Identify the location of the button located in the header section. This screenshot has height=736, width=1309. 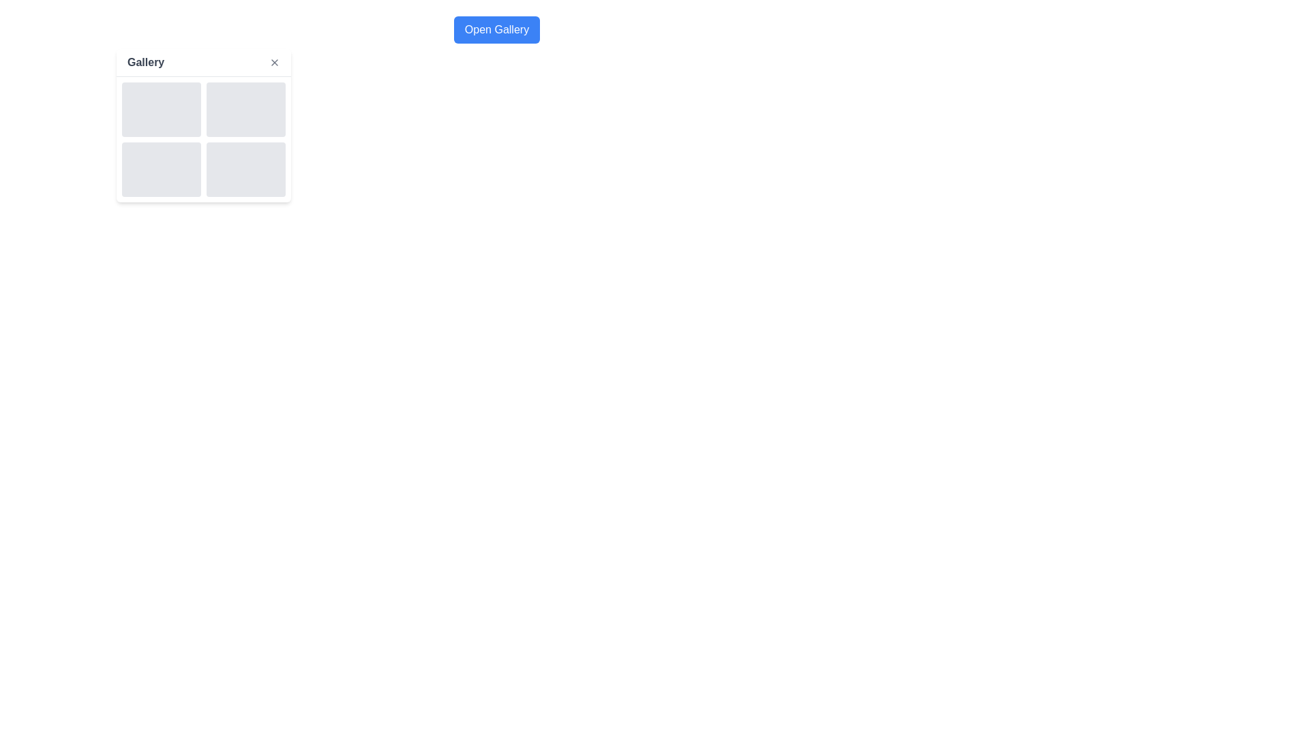
(496, 29).